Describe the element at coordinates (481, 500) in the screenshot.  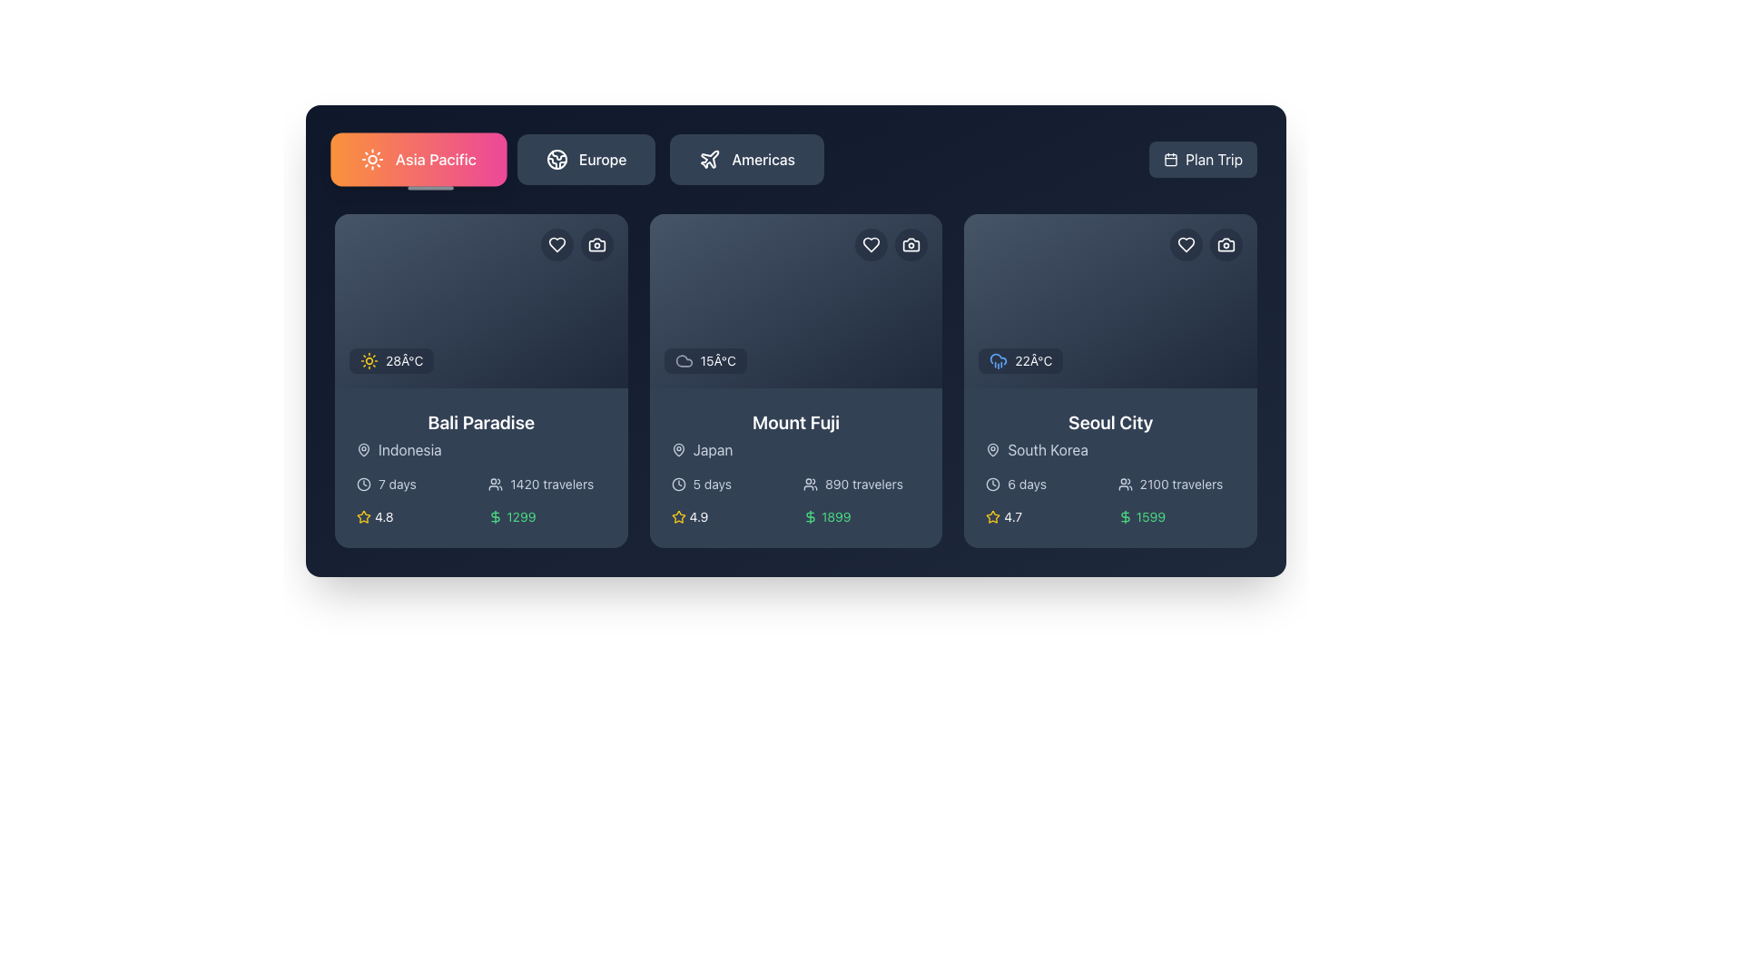
I see `detailed information about the travel package for 'Bali Paradise', including duration, number of travelers, rating, and price, from the informational section located at the lower part of the card` at that location.